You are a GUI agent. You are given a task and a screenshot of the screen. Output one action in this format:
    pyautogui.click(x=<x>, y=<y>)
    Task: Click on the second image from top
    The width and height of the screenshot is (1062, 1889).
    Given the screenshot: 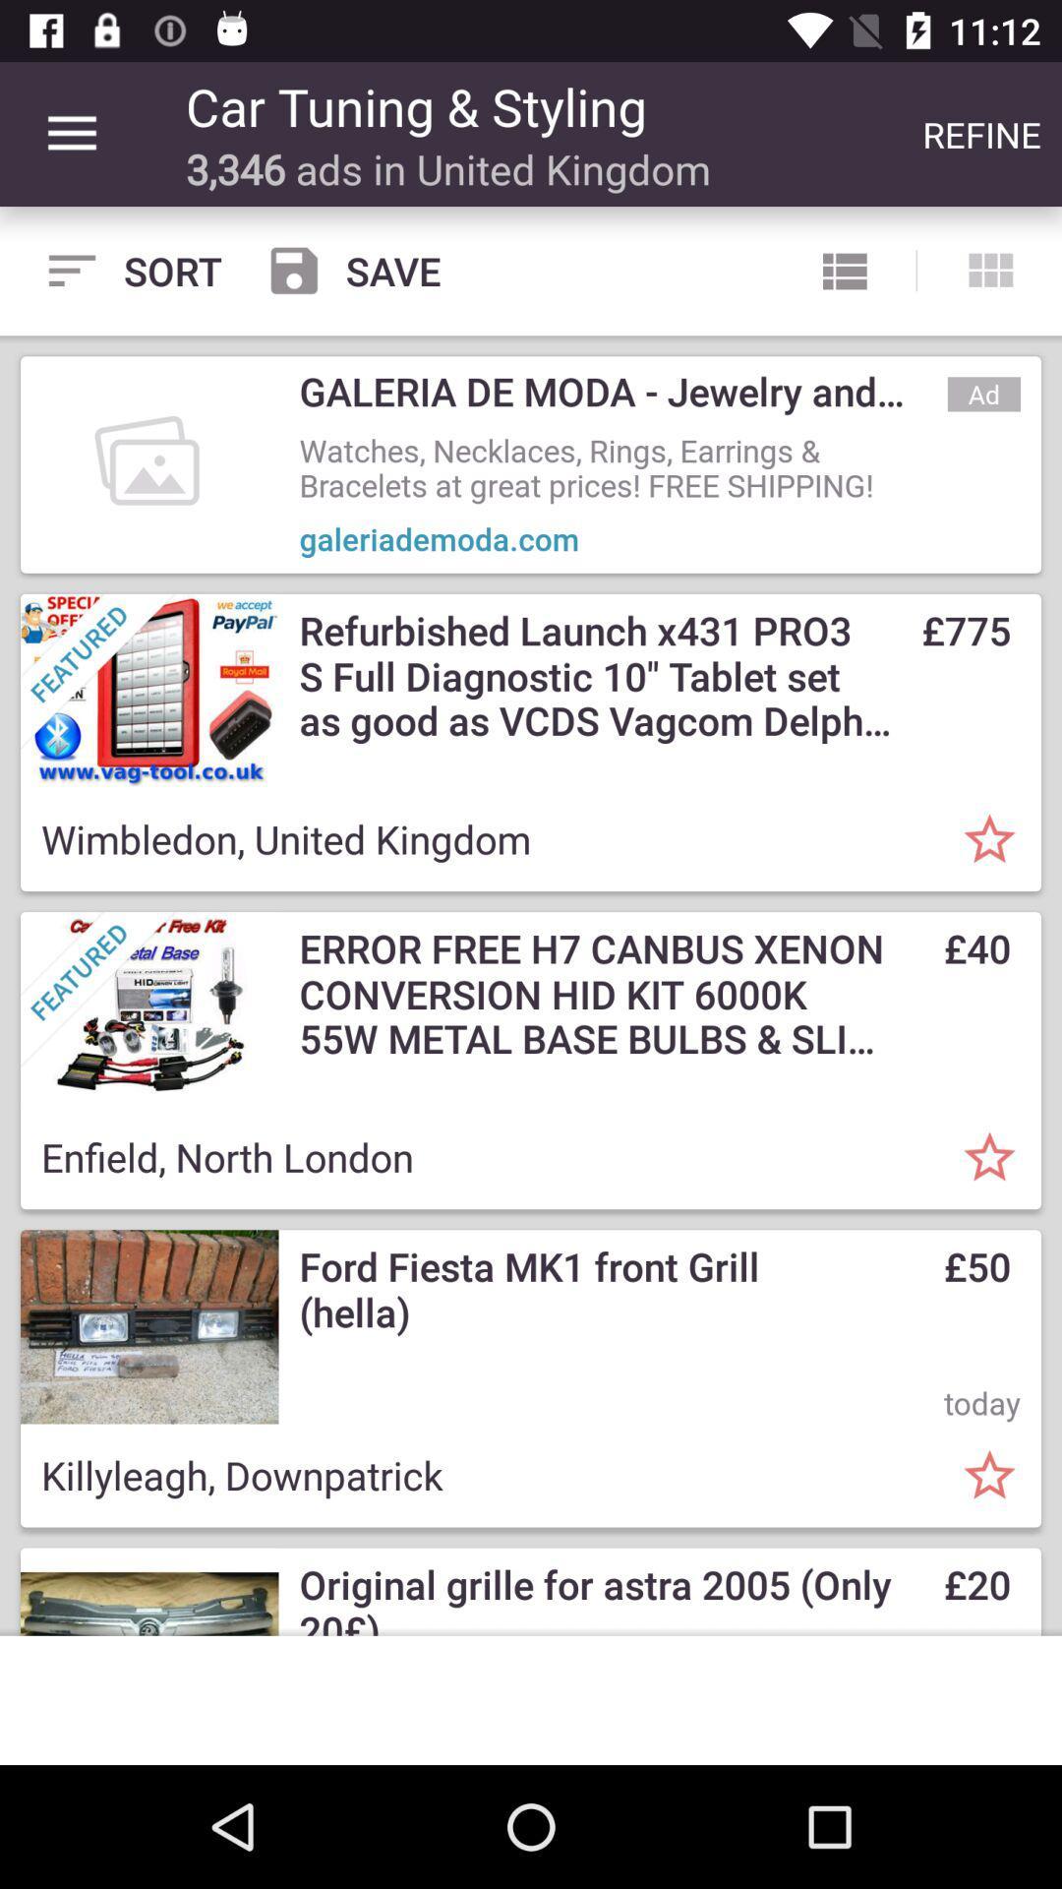 What is the action you would take?
    pyautogui.click(x=148, y=691)
    